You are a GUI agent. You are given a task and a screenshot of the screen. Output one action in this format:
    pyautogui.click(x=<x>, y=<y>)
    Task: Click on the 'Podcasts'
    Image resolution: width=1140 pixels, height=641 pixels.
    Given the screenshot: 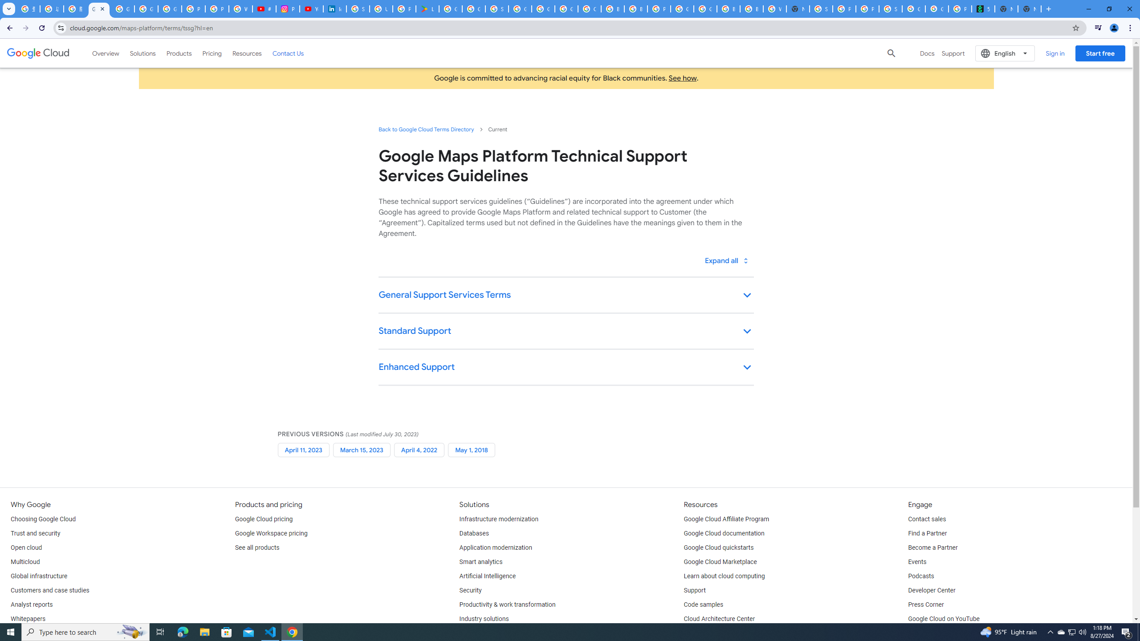 What is the action you would take?
    pyautogui.click(x=920, y=576)
    